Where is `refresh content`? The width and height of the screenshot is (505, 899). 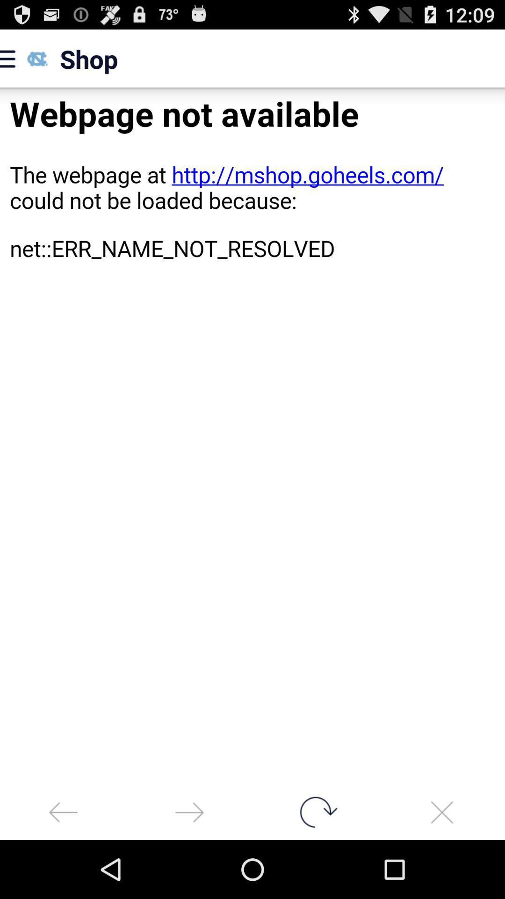
refresh content is located at coordinates (316, 811).